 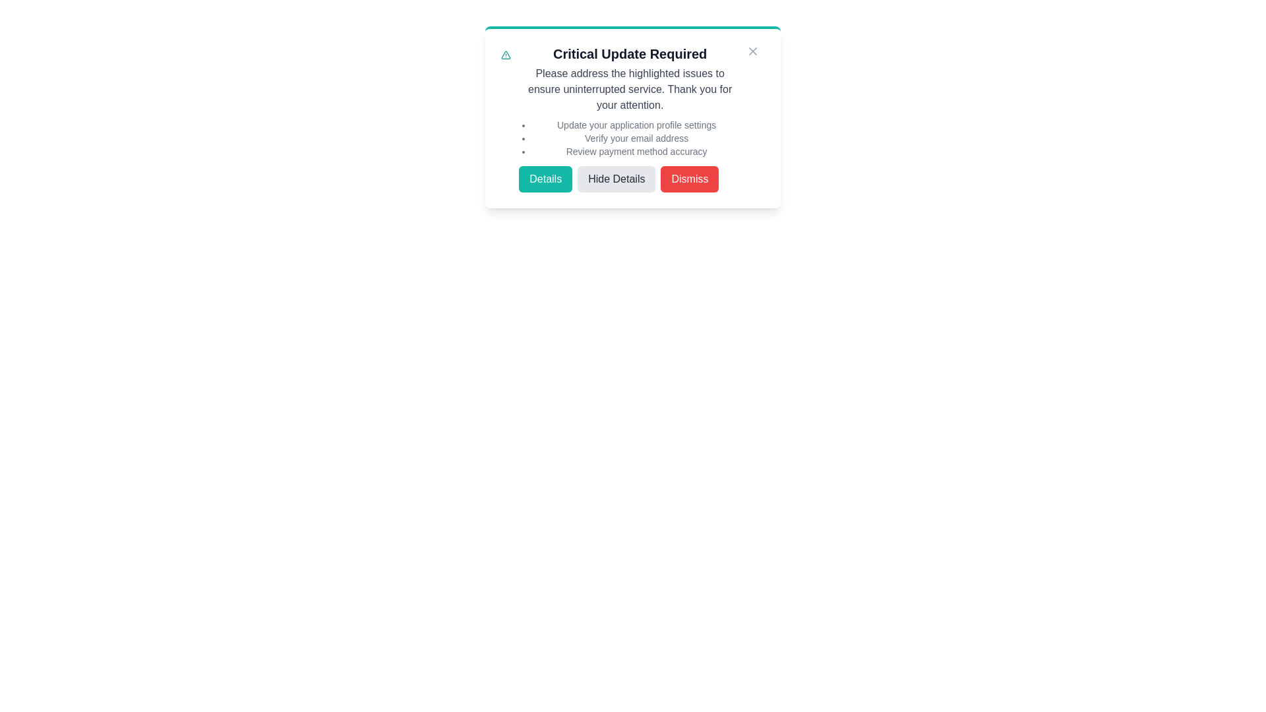 What do you see at coordinates (545, 179) in the screenshot?
I see `the rounded rectangular button with a teal background and white text reading 'Details'` at bounding box center [545, 179].